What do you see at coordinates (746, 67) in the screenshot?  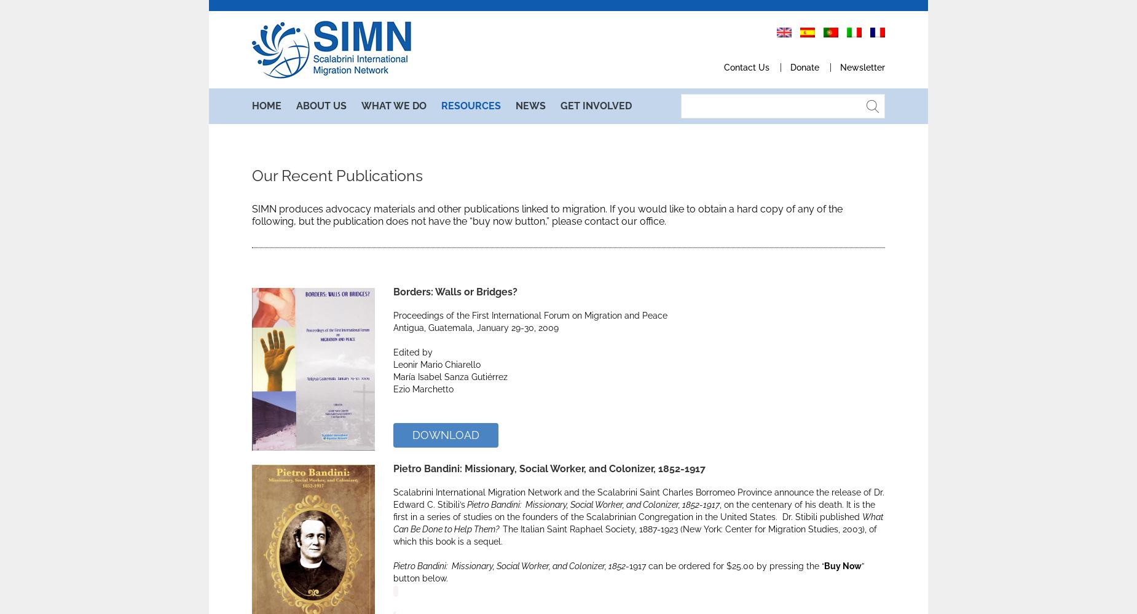 I see `'Contact U'` at bounding box center [746, 67].